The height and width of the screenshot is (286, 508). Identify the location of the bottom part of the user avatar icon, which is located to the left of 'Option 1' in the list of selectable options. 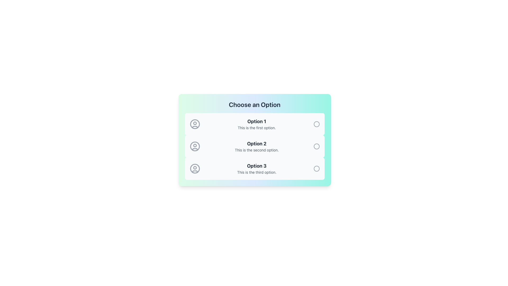
(194, 127).